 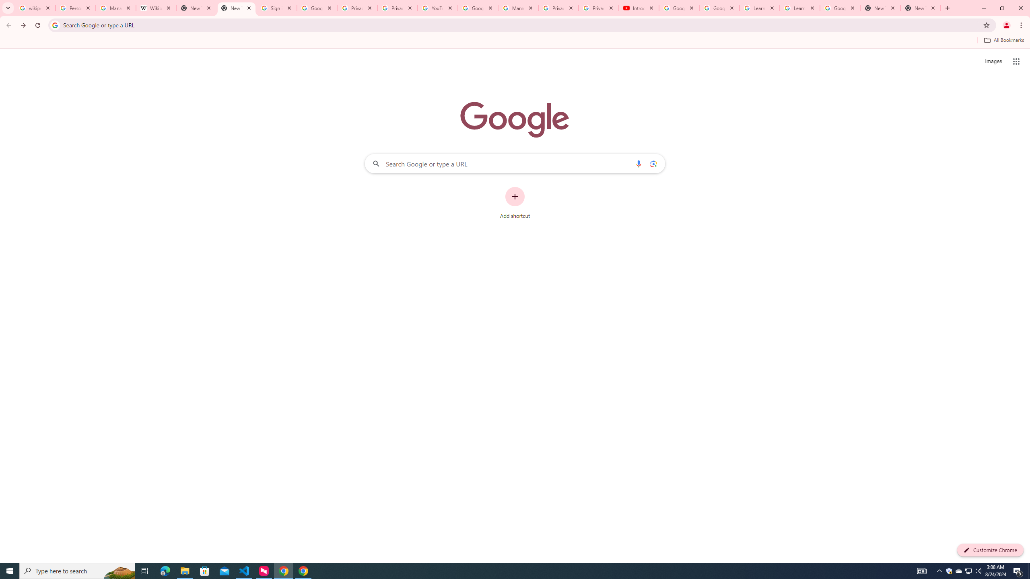 What do you see at coordinates (679, 8) in the screenshot?
I see `'Google Account Help'` at bounding box center [679, 8].